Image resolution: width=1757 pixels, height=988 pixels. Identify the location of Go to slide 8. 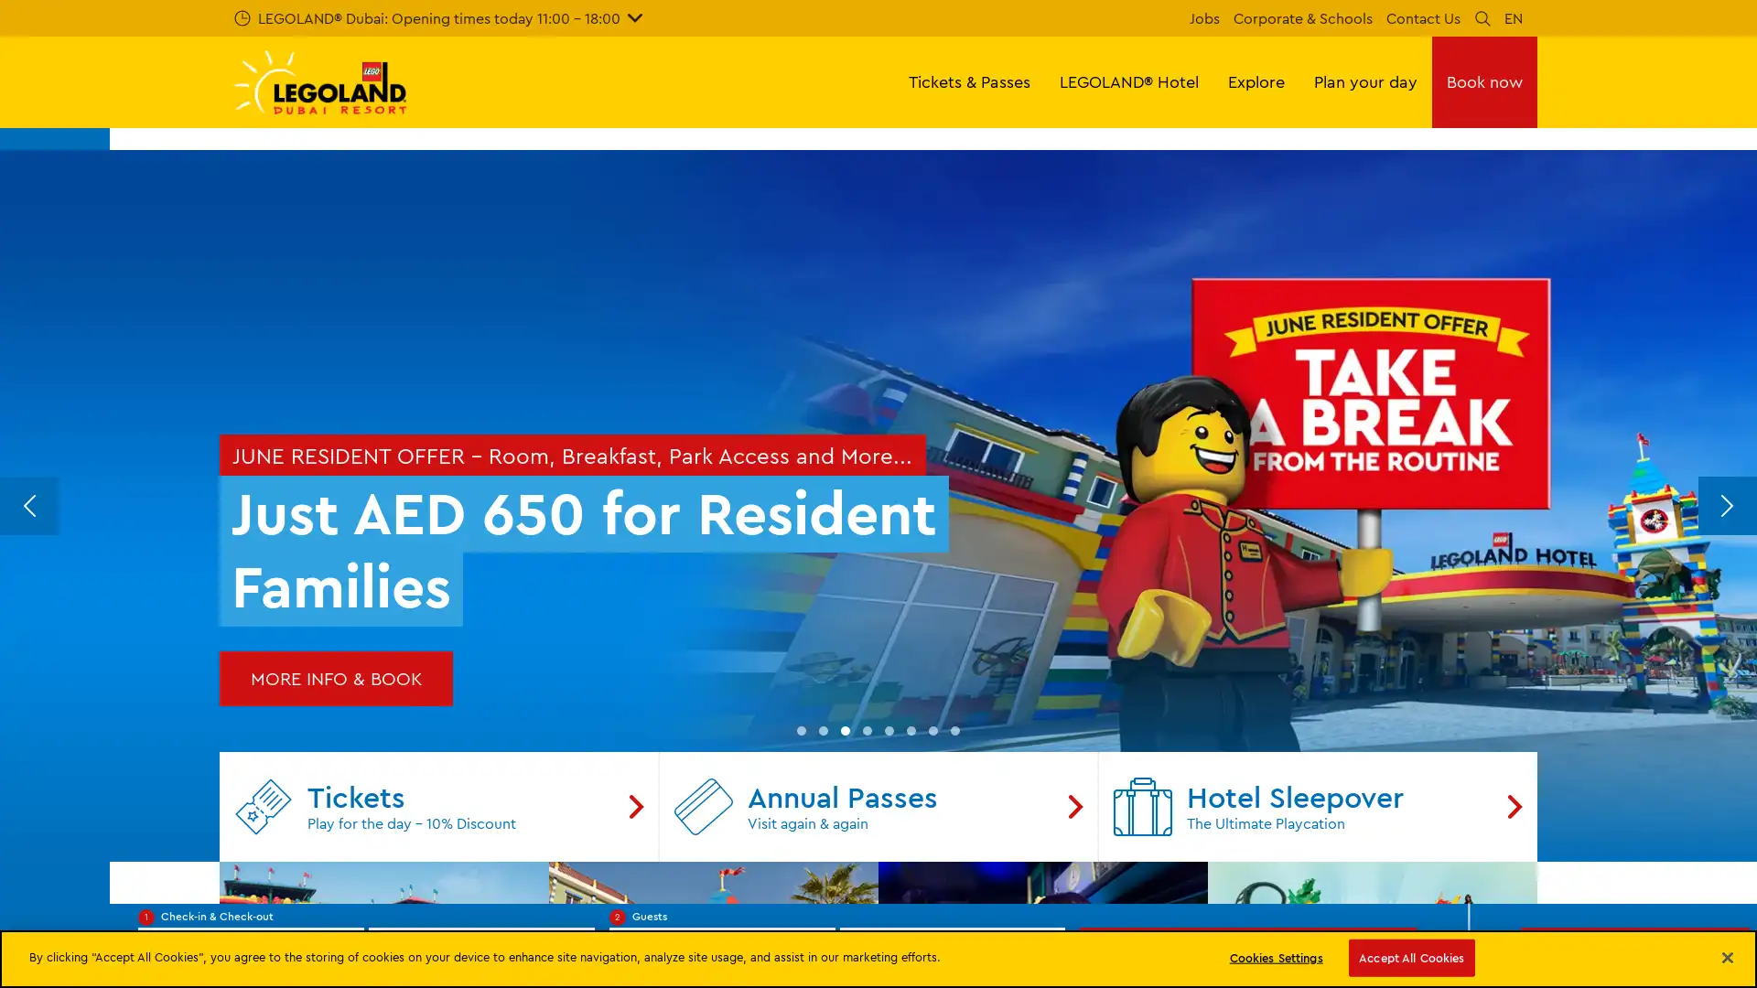
(954, 729).